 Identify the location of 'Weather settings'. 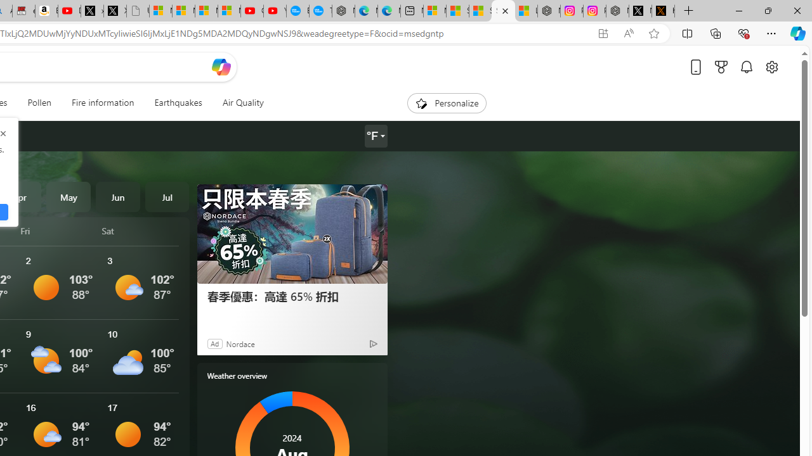
(375, 136).